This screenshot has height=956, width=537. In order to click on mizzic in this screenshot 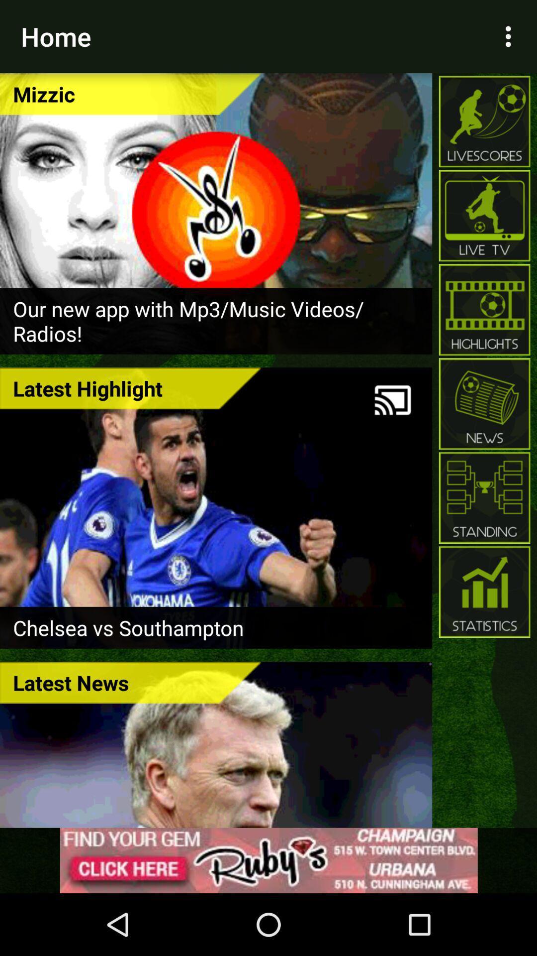, I will do `click(130, 94)`.